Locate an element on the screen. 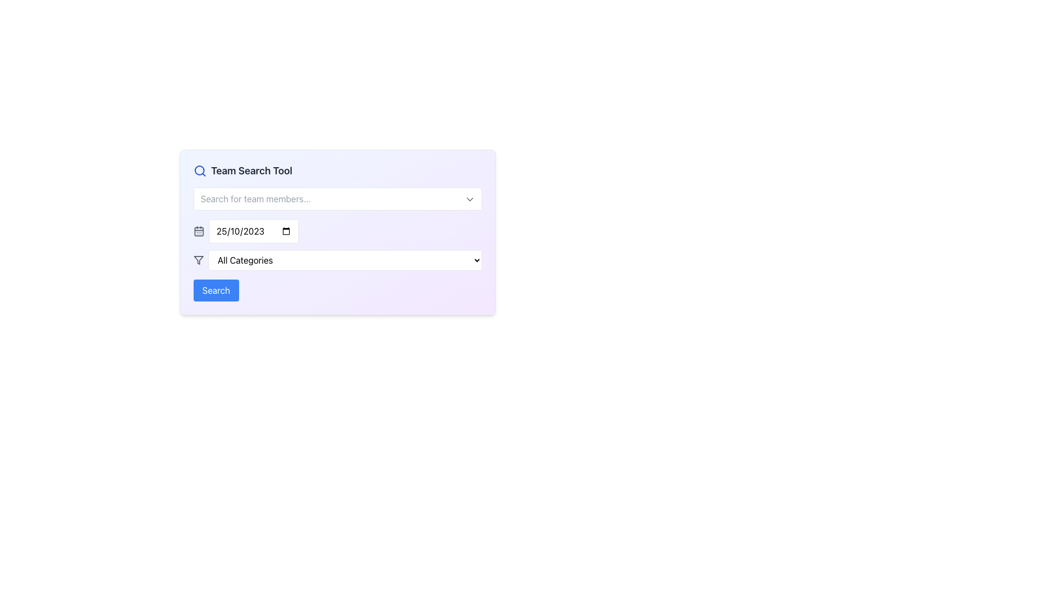  the vertically arranged group of selectable items labeled 'All CategoriesMarketingDevelopmentDesign' is located at coordinates (337, 244).